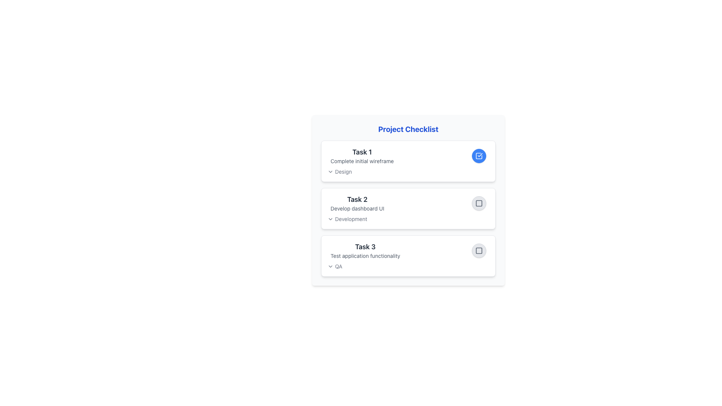 The image size is (722, 406). What do you see at coordinates (362, 161) in the screenshot?
I see `the static text element that provides details for 'Task 1' in the checklist interface` at bounding box center [362, 161].